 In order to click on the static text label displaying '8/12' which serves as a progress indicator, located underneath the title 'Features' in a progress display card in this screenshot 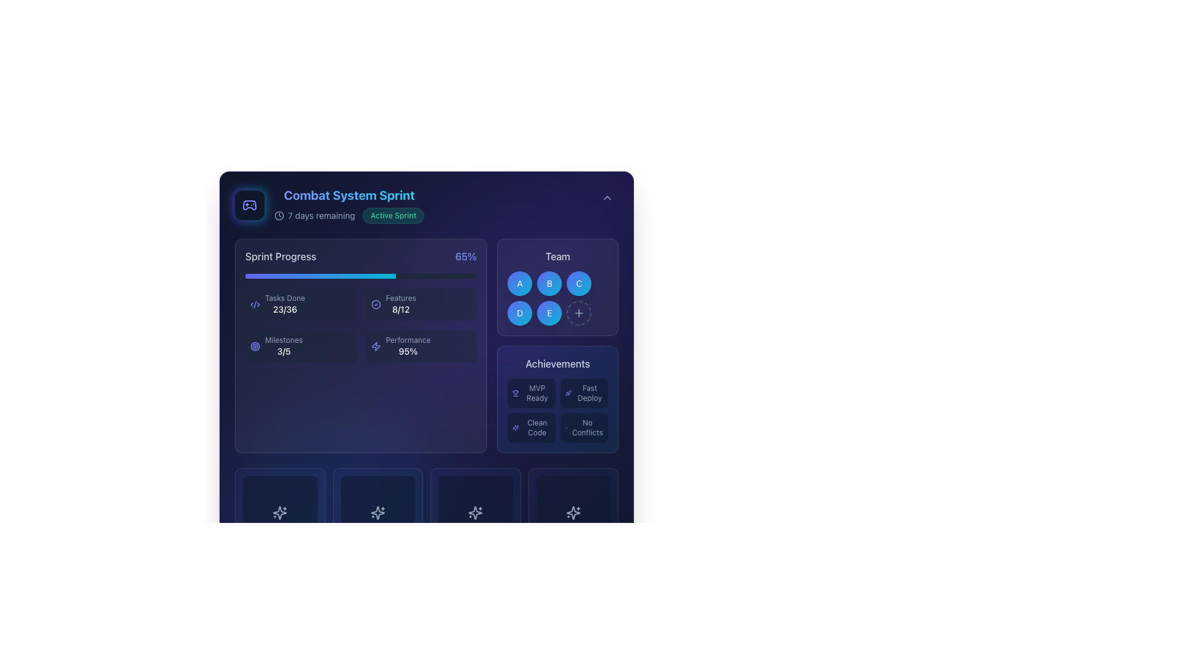, I will do `click(401, 308)`.